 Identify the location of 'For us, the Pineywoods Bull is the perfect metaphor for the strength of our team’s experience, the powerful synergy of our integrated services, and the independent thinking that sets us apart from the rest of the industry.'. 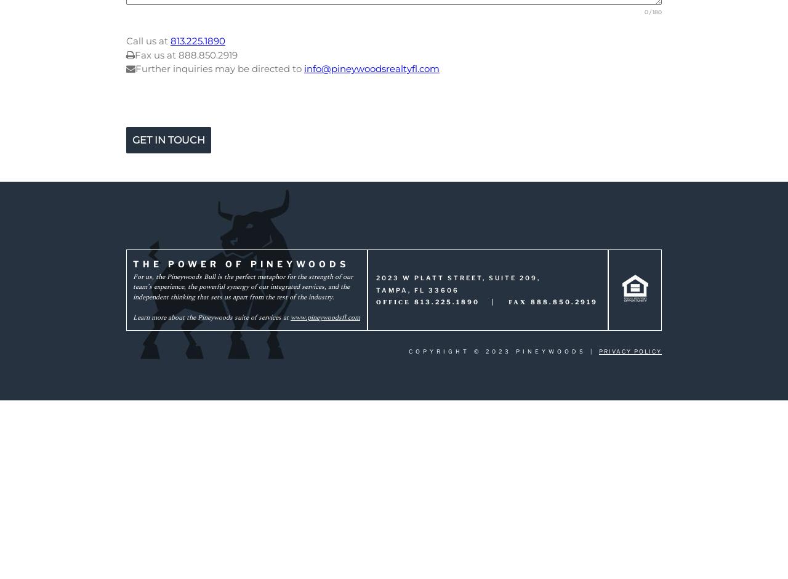
(243, 286).